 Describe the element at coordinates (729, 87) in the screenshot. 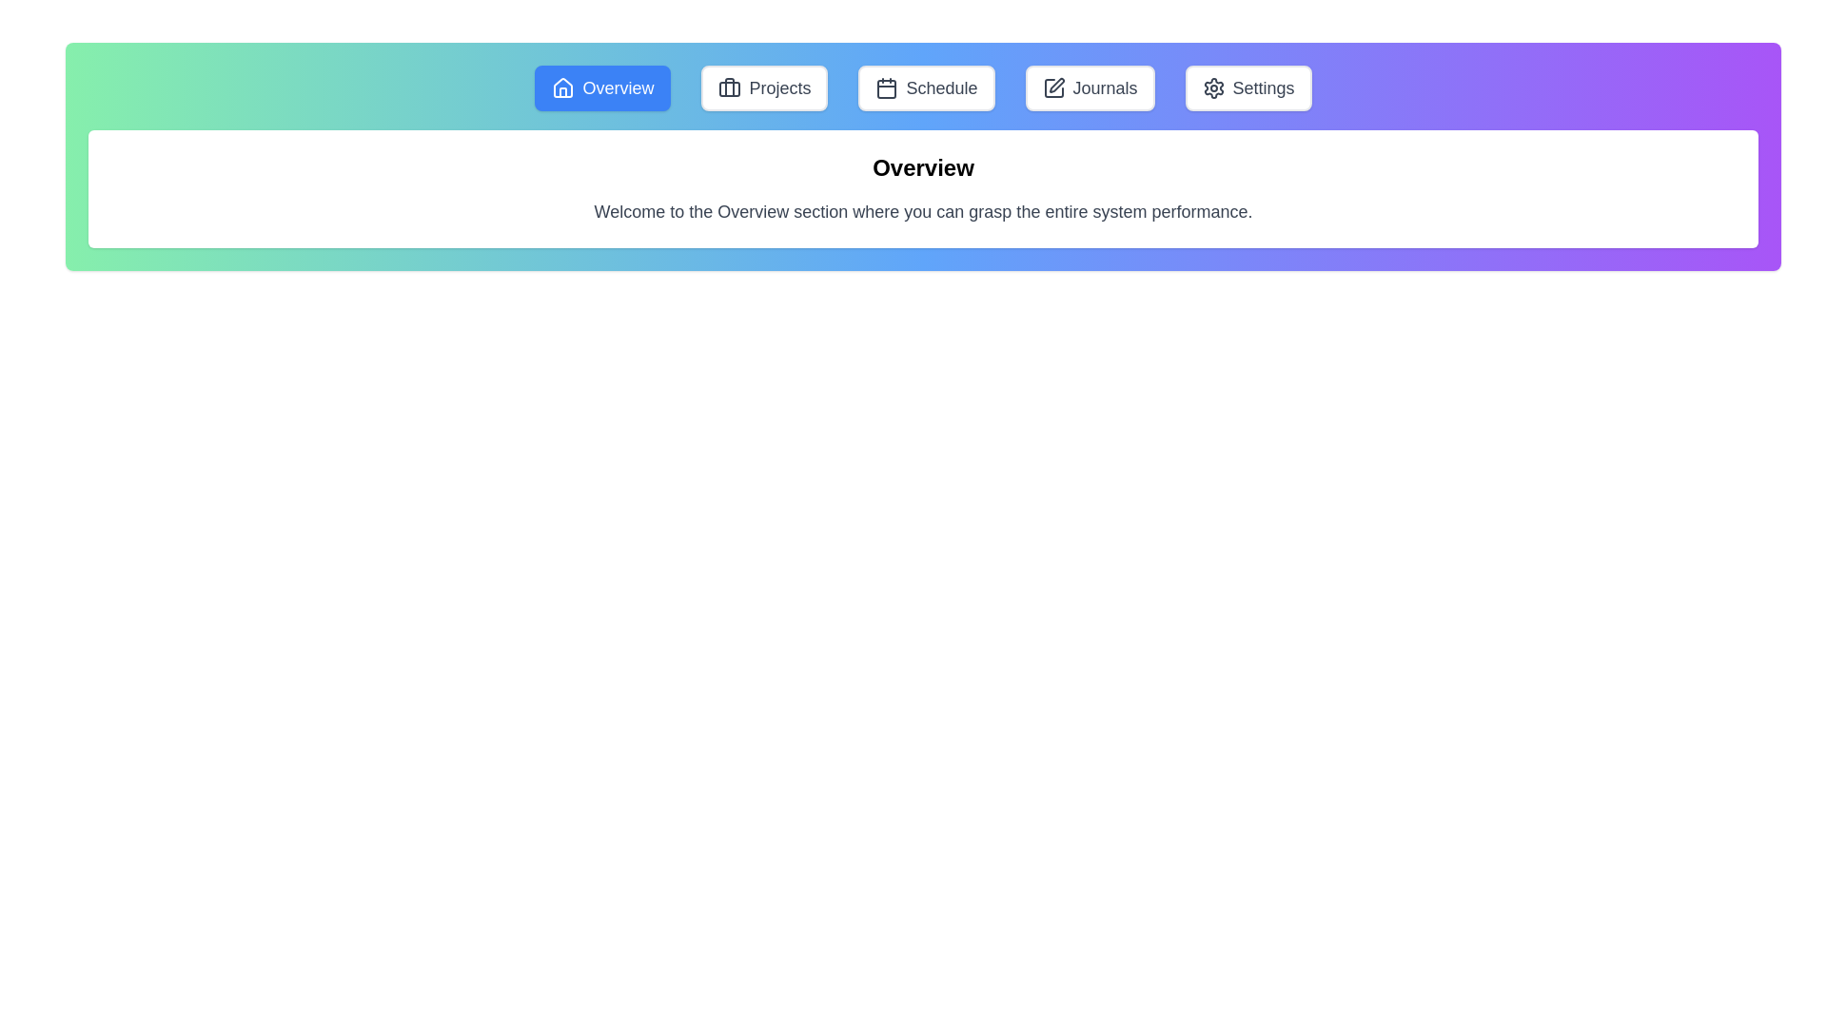

I see `the briefcase icon associated with the 'Projects' navigation button` at that location.